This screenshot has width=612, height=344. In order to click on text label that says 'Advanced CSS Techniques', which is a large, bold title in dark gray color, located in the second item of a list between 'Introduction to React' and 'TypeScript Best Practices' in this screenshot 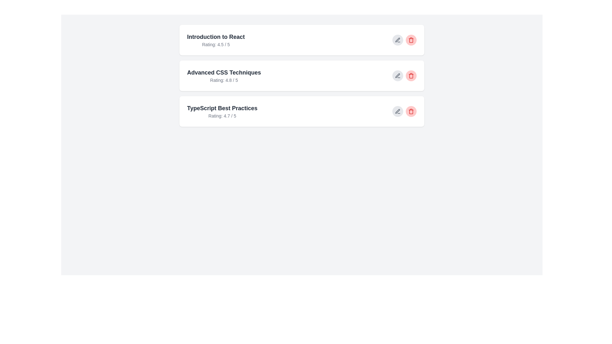, I will do `click(224, 72)`.